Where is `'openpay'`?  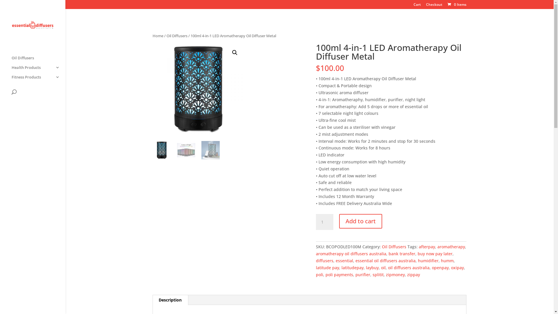
'openpay' is located at coordinates (432, 267).